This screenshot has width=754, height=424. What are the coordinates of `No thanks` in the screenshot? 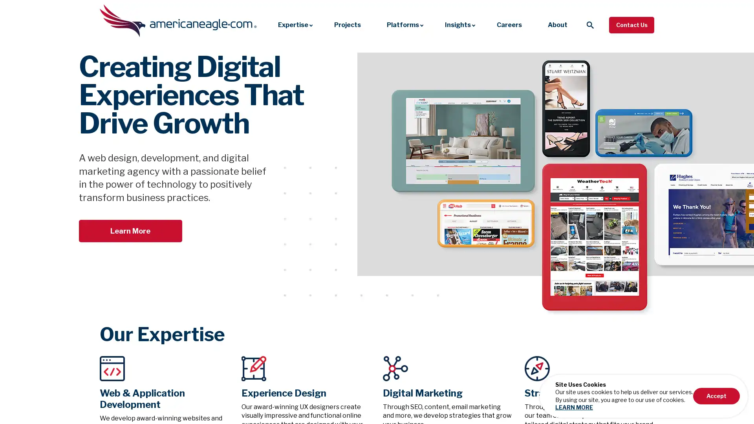 It's located at (704, 415).